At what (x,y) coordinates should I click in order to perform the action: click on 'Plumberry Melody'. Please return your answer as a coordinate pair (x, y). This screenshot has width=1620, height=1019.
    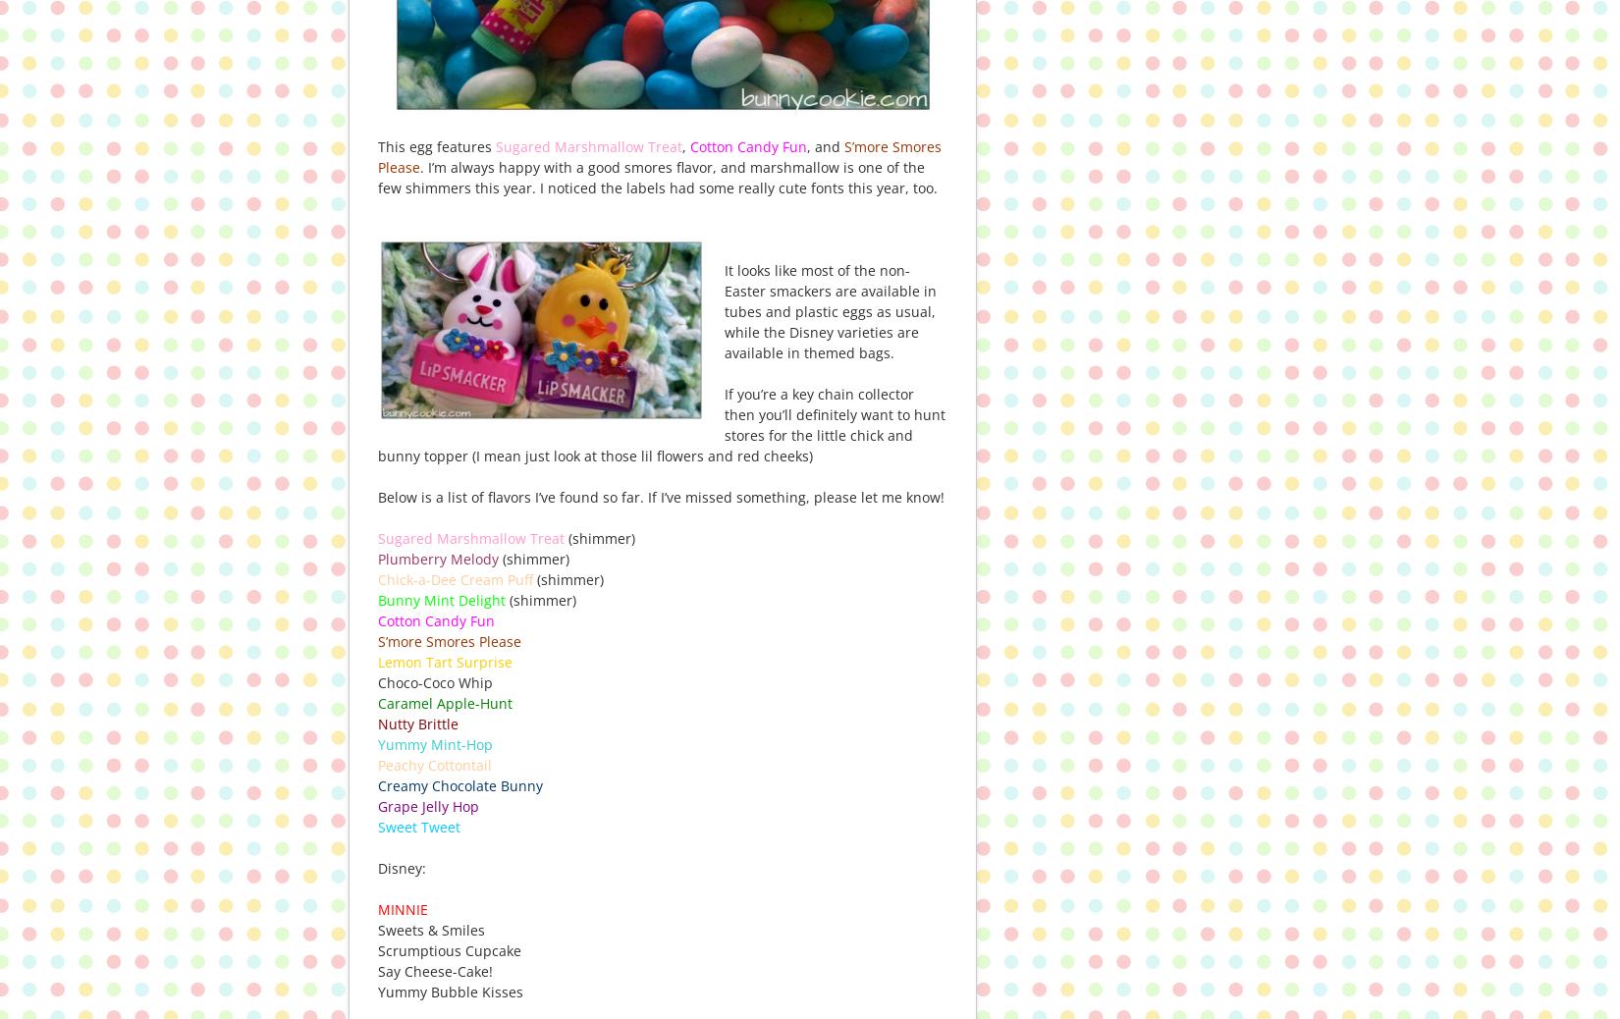
    Looking at the image, I should click on (437, 557).